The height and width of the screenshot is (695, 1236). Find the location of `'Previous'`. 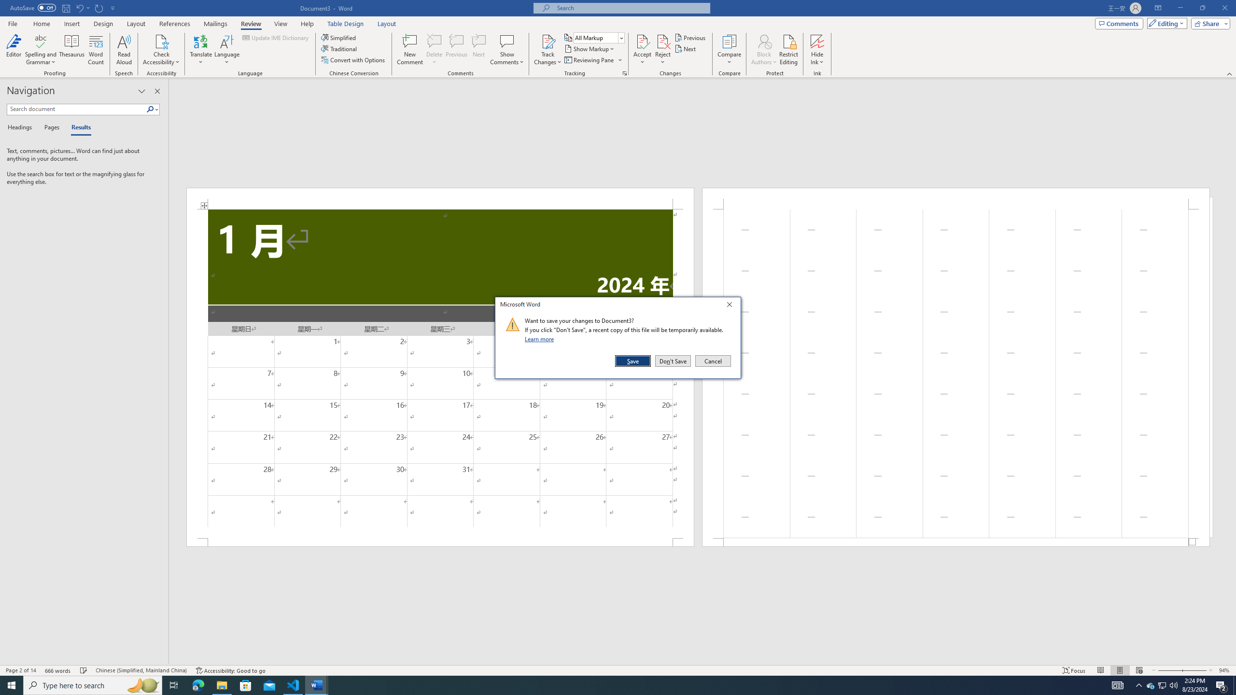

'Previous' is located at coordinates (690, 37).